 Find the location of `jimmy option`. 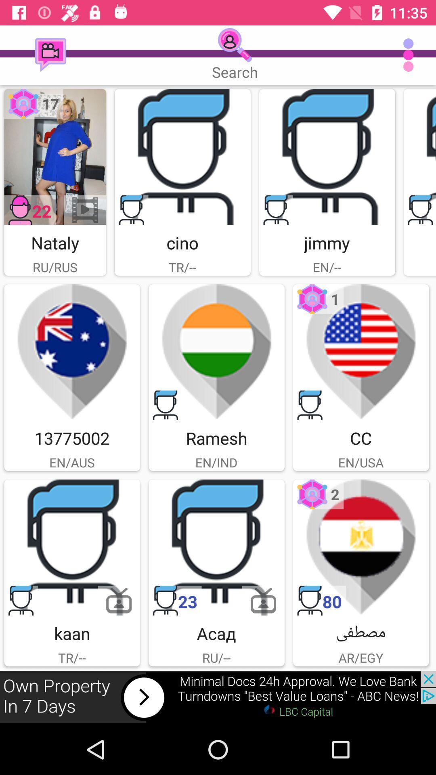

jimmy option is located at coordinates (327, 157).